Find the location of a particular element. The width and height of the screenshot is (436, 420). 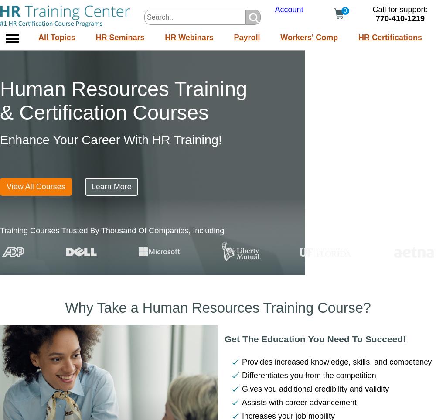

'HR Seminars' is located at coordinates (120, 37).